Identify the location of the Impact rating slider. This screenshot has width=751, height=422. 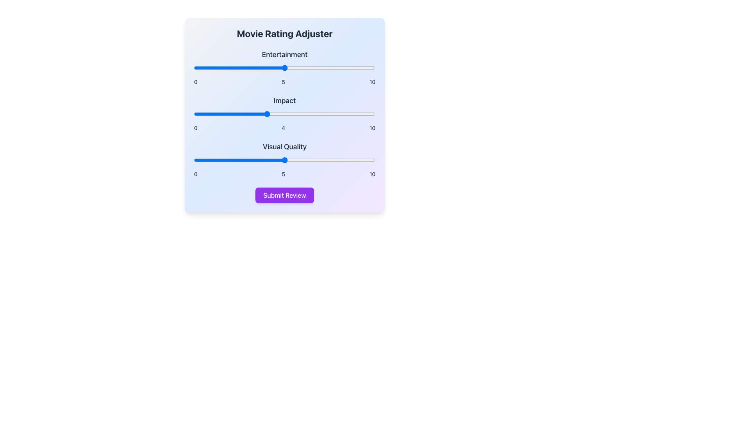
(321, 114).